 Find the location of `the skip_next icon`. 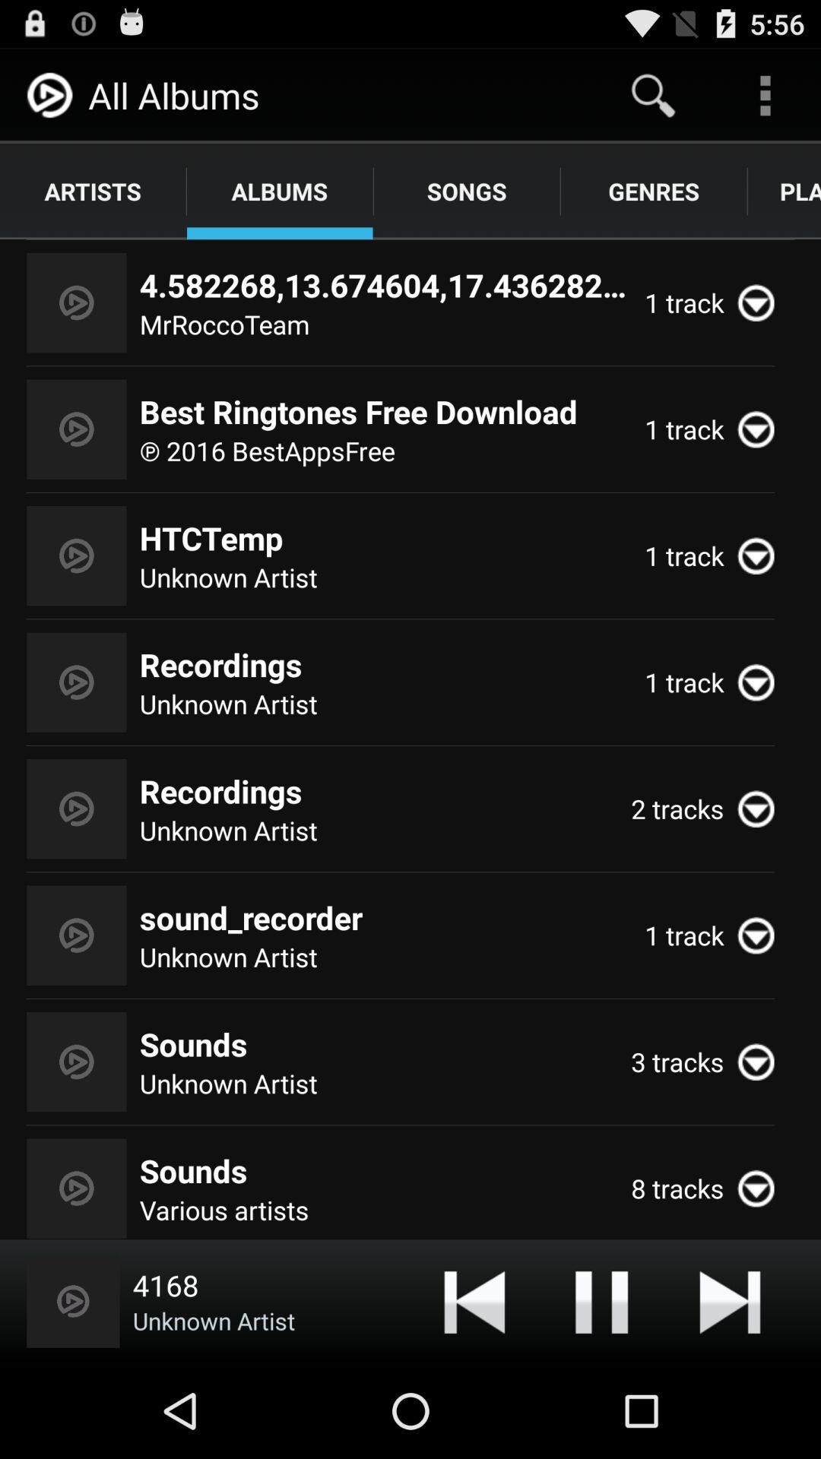

the skip_next icon is located at coordinates (729, 1392).